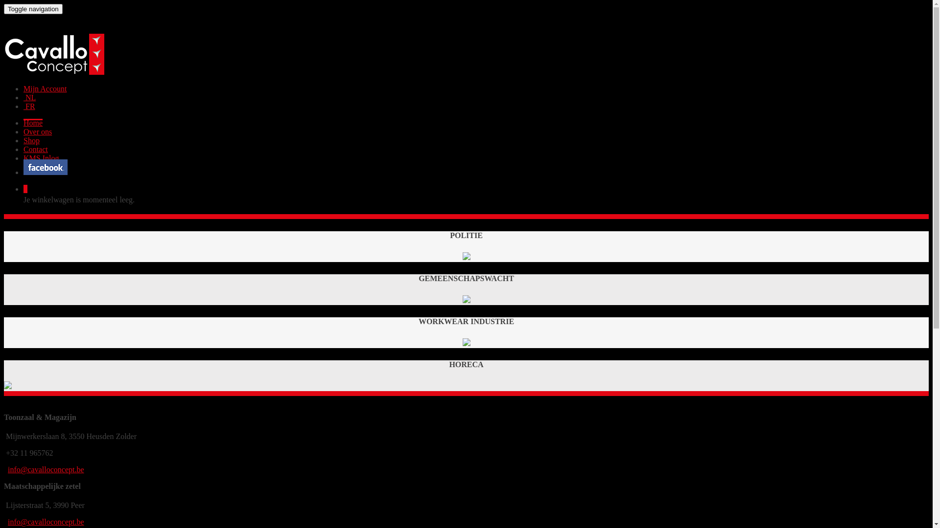 This screenshot has height=528, width=940. What do you see at coordinates (46, 521) in the screenshot?
I see `'info@cavalloconcept.be'` at bounding box center [46, 521].